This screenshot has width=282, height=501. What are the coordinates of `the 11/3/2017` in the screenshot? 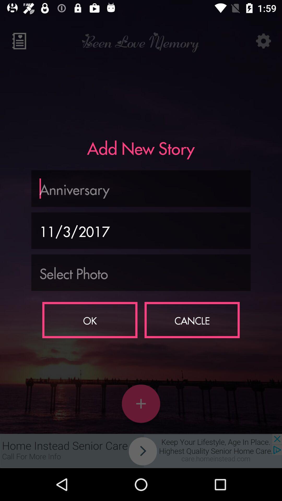 It's located at (141, 230).